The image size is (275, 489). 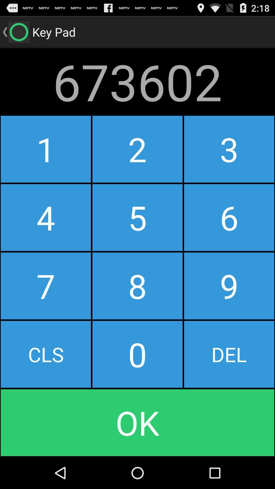 I want to click on the button to the left of 3 icon, so click(x=137, y=218).